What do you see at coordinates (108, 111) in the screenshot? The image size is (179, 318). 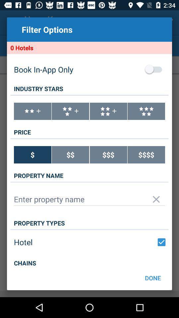 I see `4 stars` at bounding box center [108, 111].